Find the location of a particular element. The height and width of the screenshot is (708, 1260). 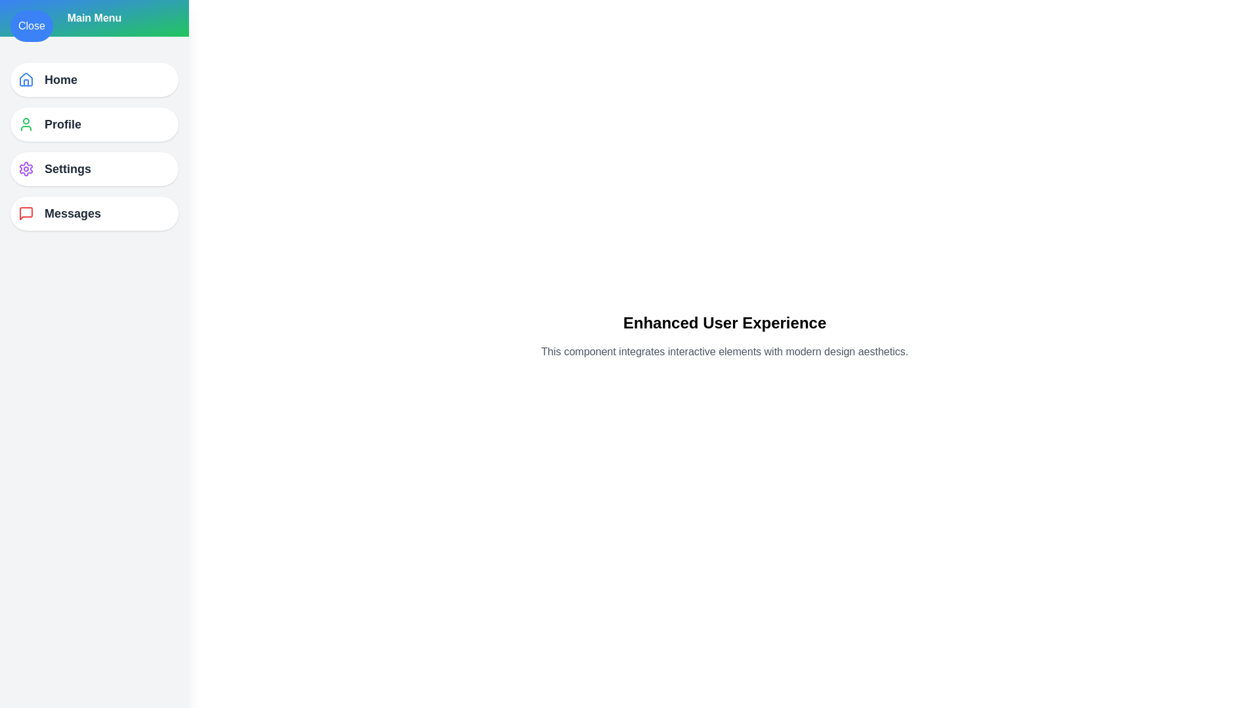

the menu item Settings is located at coordinates (94, 168).